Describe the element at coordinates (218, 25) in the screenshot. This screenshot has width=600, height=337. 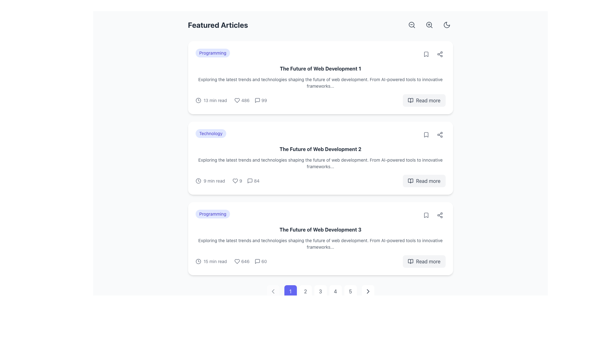
I see `text header that serves as a label for the featured articles section, positioned at the upper-left of the content area` at that location.